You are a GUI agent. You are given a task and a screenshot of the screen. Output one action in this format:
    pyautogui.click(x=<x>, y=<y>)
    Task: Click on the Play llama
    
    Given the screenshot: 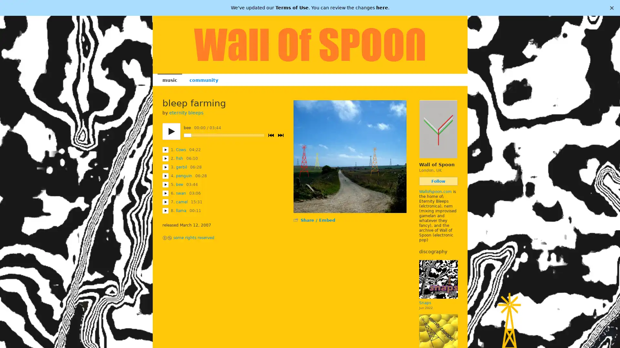 What is the action you would take?
    pyautogui.click(x=165, y=211)
    